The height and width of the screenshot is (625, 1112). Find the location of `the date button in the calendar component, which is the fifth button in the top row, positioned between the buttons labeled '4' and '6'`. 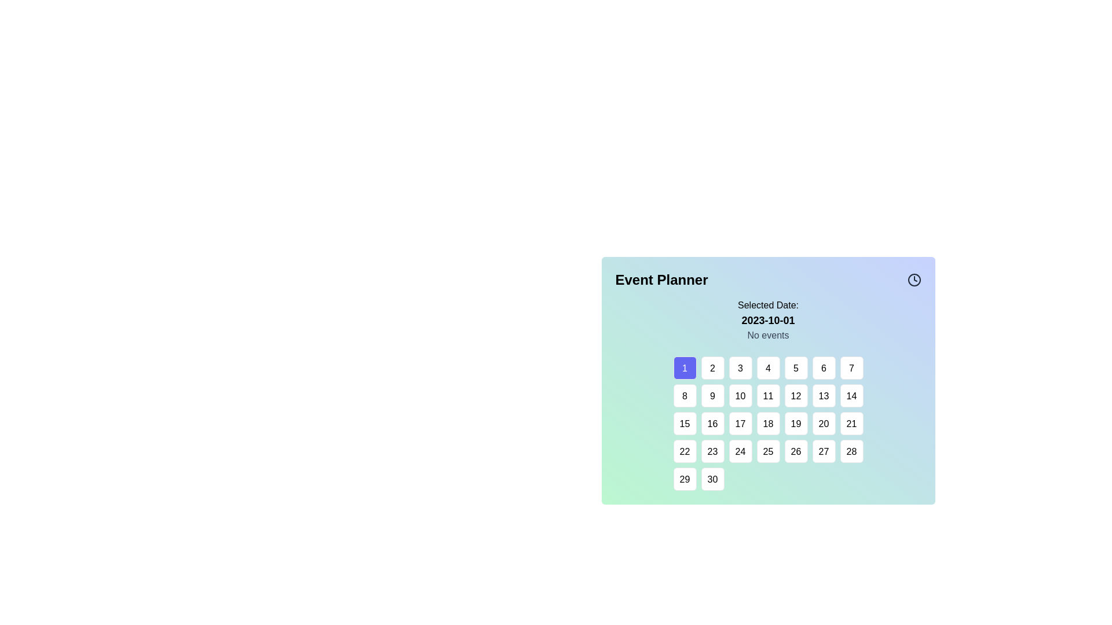

the date button in the calendar component, which is the fifth button in the top row, positioned between the buttons labeled '4' and '6' is located at coordinates (795, 368).